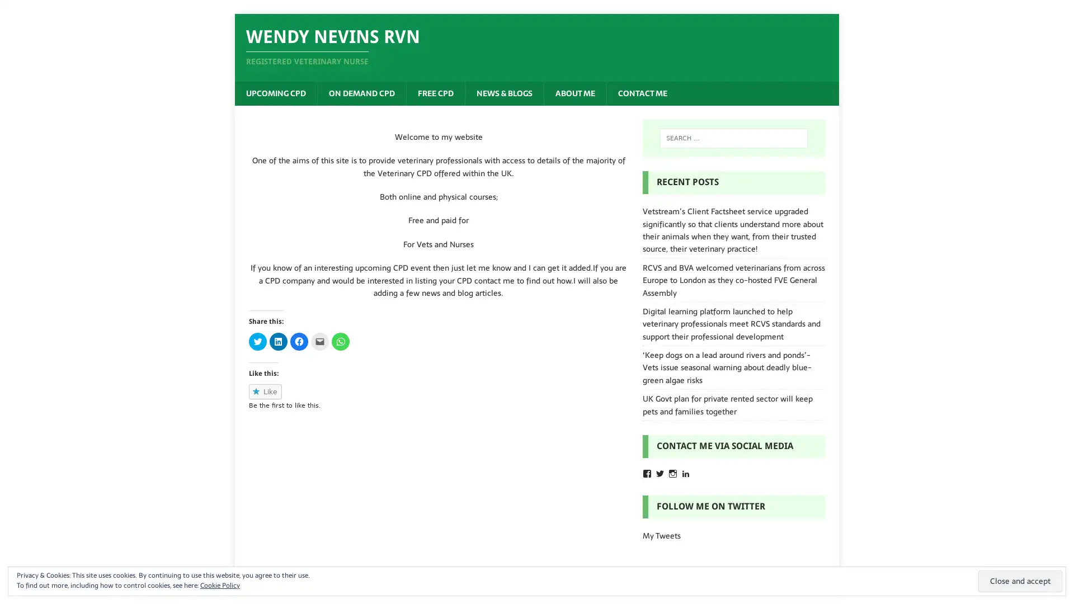  What do you see at coordinates (1020, 581) in the screenshot?
I see `Close and accept` at bounding box center [1020, 581].